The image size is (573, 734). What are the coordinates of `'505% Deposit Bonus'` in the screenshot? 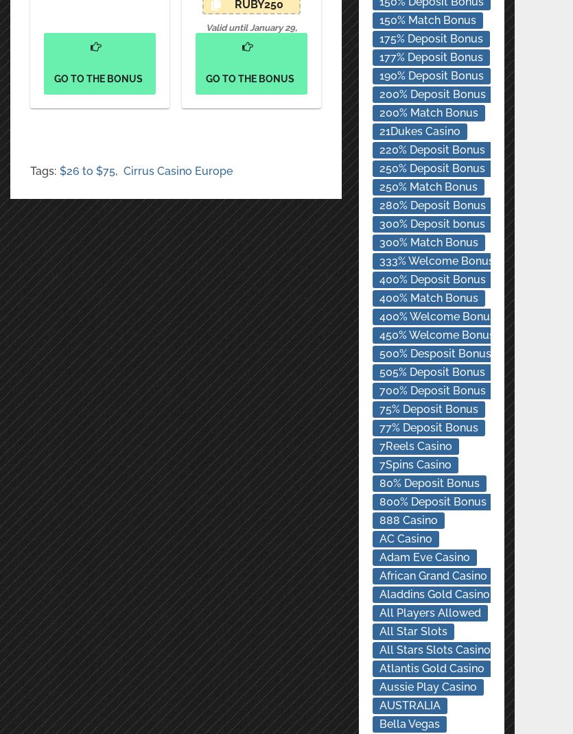 It's located at (379, 371).